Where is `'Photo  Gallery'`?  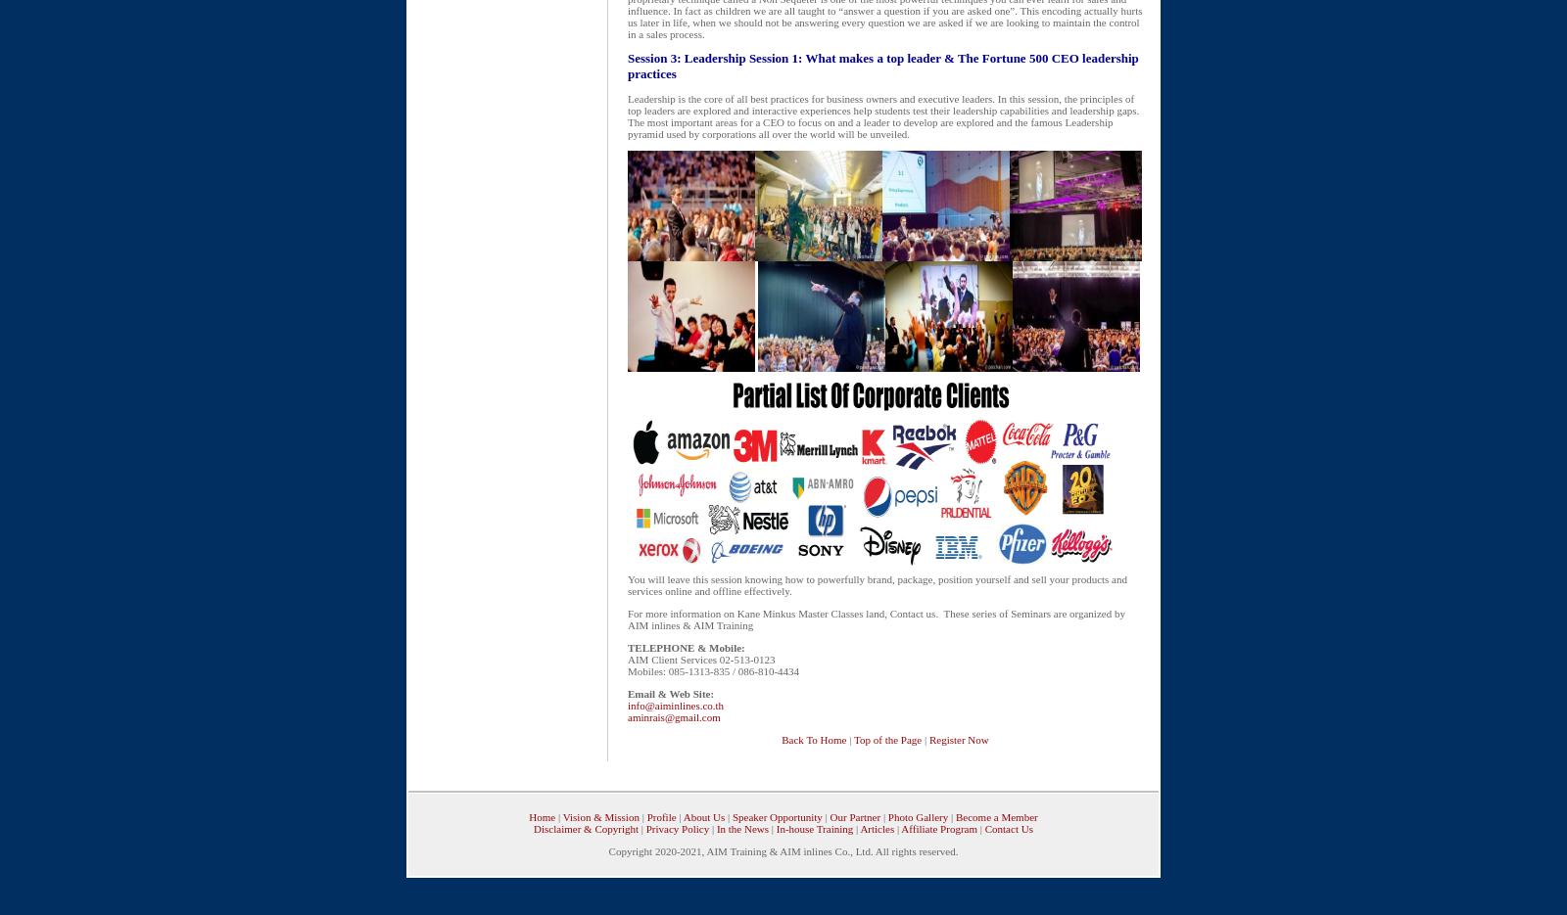
'Photo  Gallery' is located at coordinates (886, 816).